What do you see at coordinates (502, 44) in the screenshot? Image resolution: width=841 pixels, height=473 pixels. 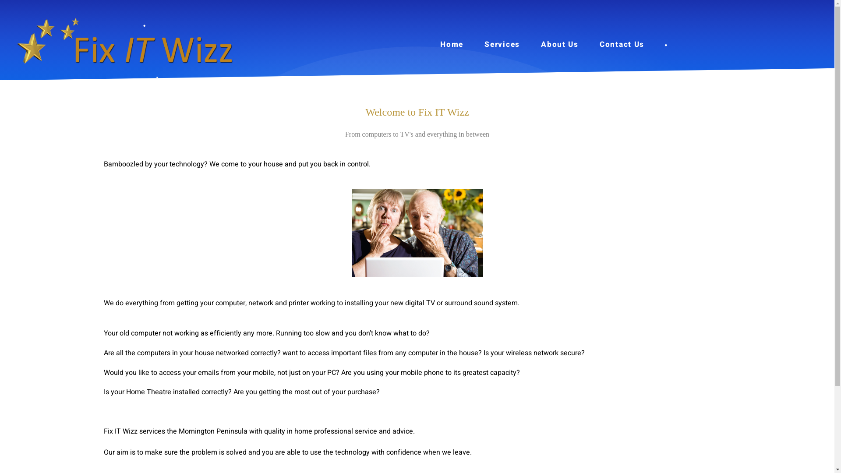 I see `'Services'` at bounding box center [502, 44].